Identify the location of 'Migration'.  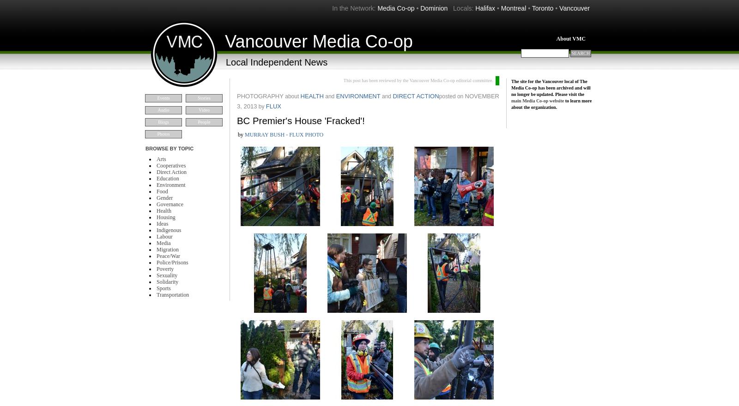
(168, 249).